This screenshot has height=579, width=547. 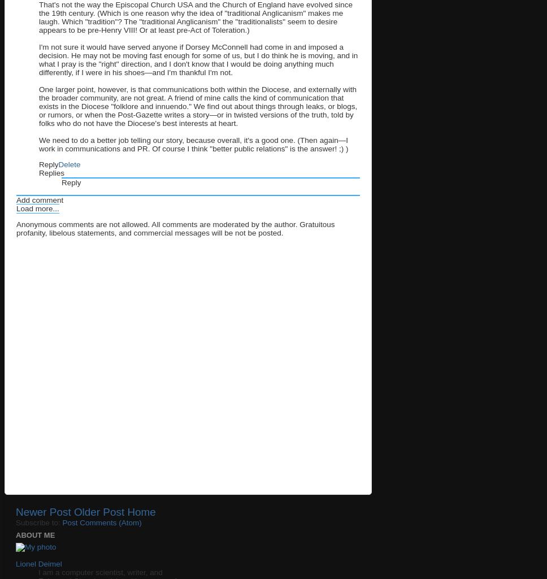 What do you see at coordinates (15, 522) in the screenshot?
I see `'Subscribe to:'` at bounding box center [15, 522].